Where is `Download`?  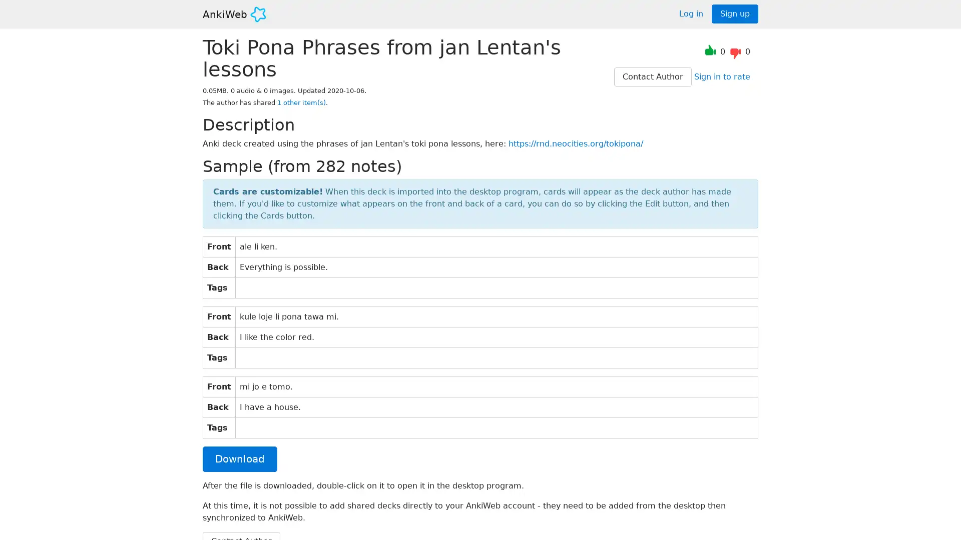
Download is located at coordinates (239, 458).